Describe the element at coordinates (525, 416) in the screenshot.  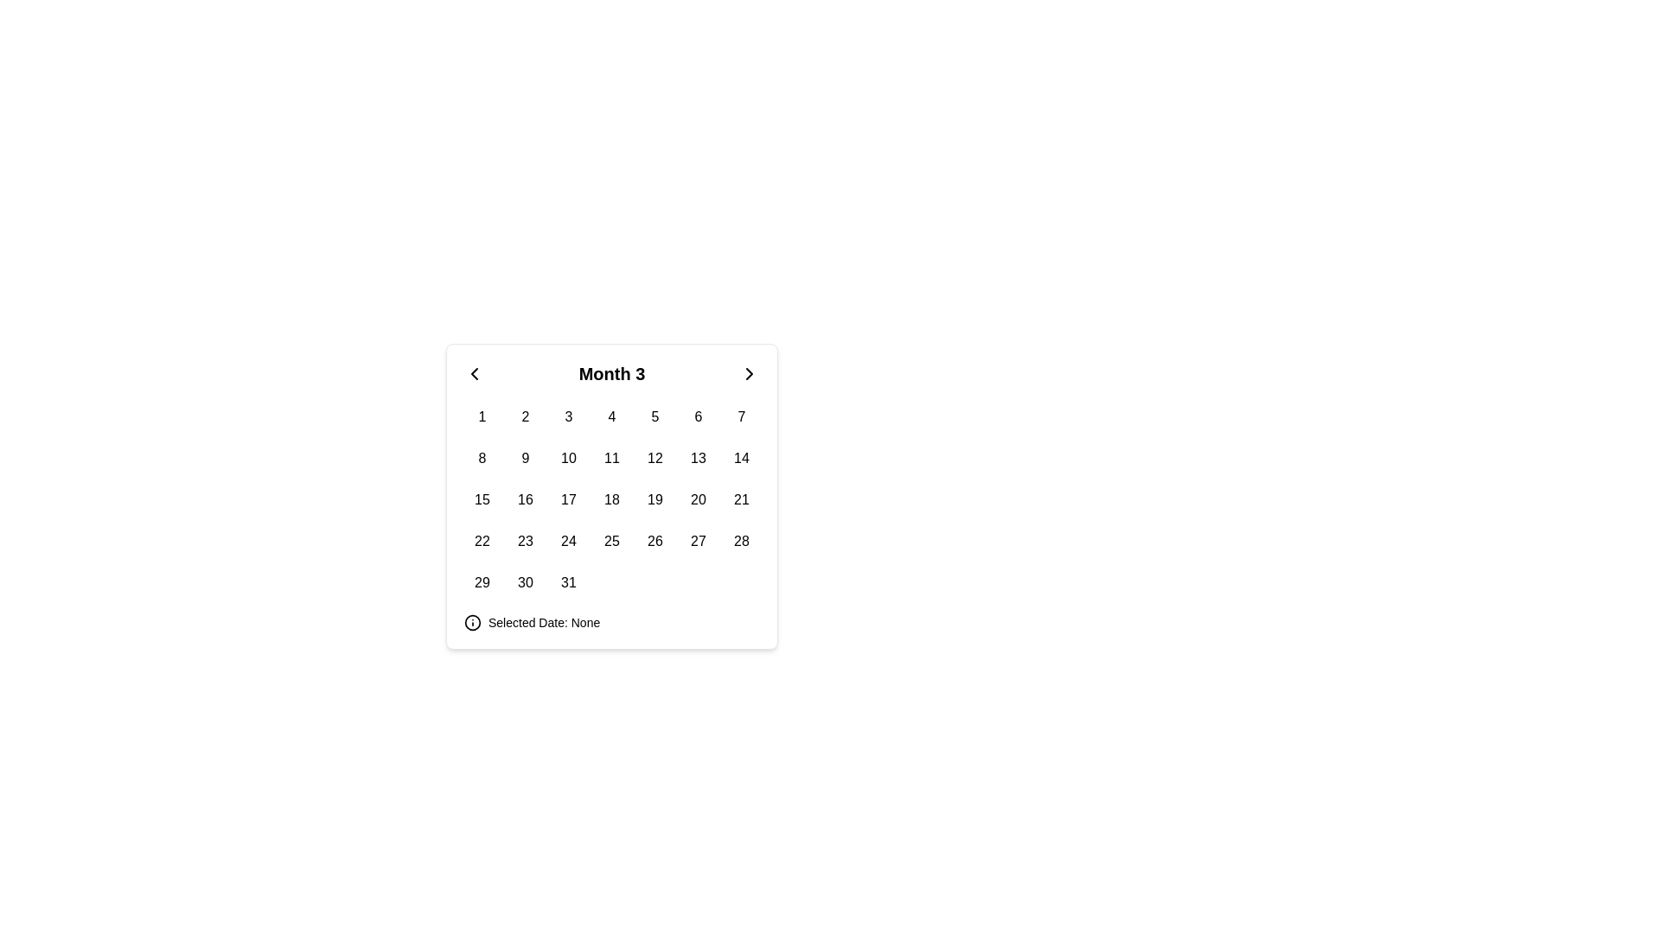
I see `the button representing the second day of the month in the calendar UI` at that location.